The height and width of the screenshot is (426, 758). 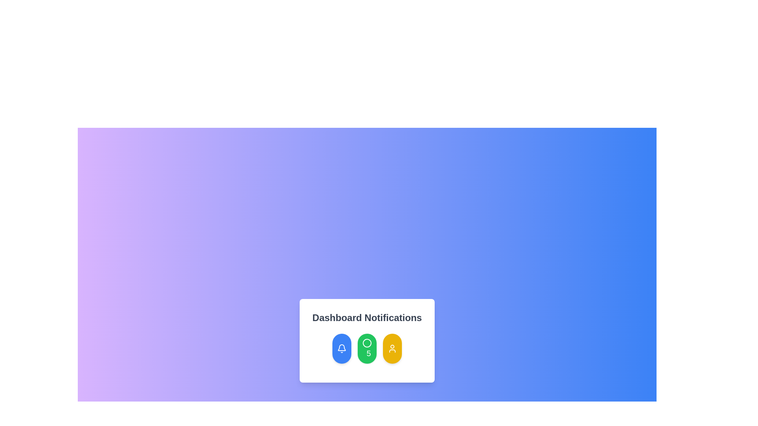 What do you see at coordinates (392, 348) in the screenshot?
I see `the user profile button, which is the third button from the left in a horizontal row beneath the 'Dashboard Notifications' label` at bounding box center [392, 348].